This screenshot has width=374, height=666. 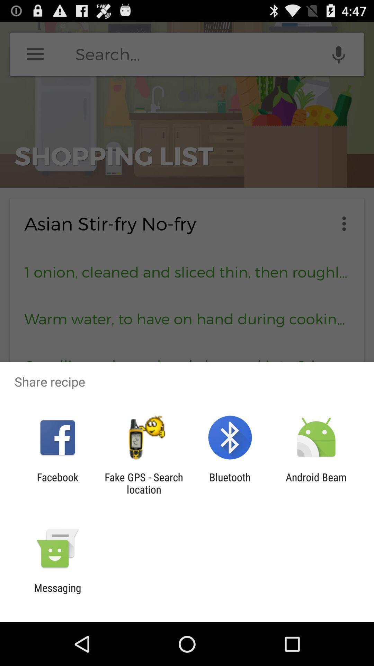 I want to click on fake gps search item, so click(x=143, y=483).